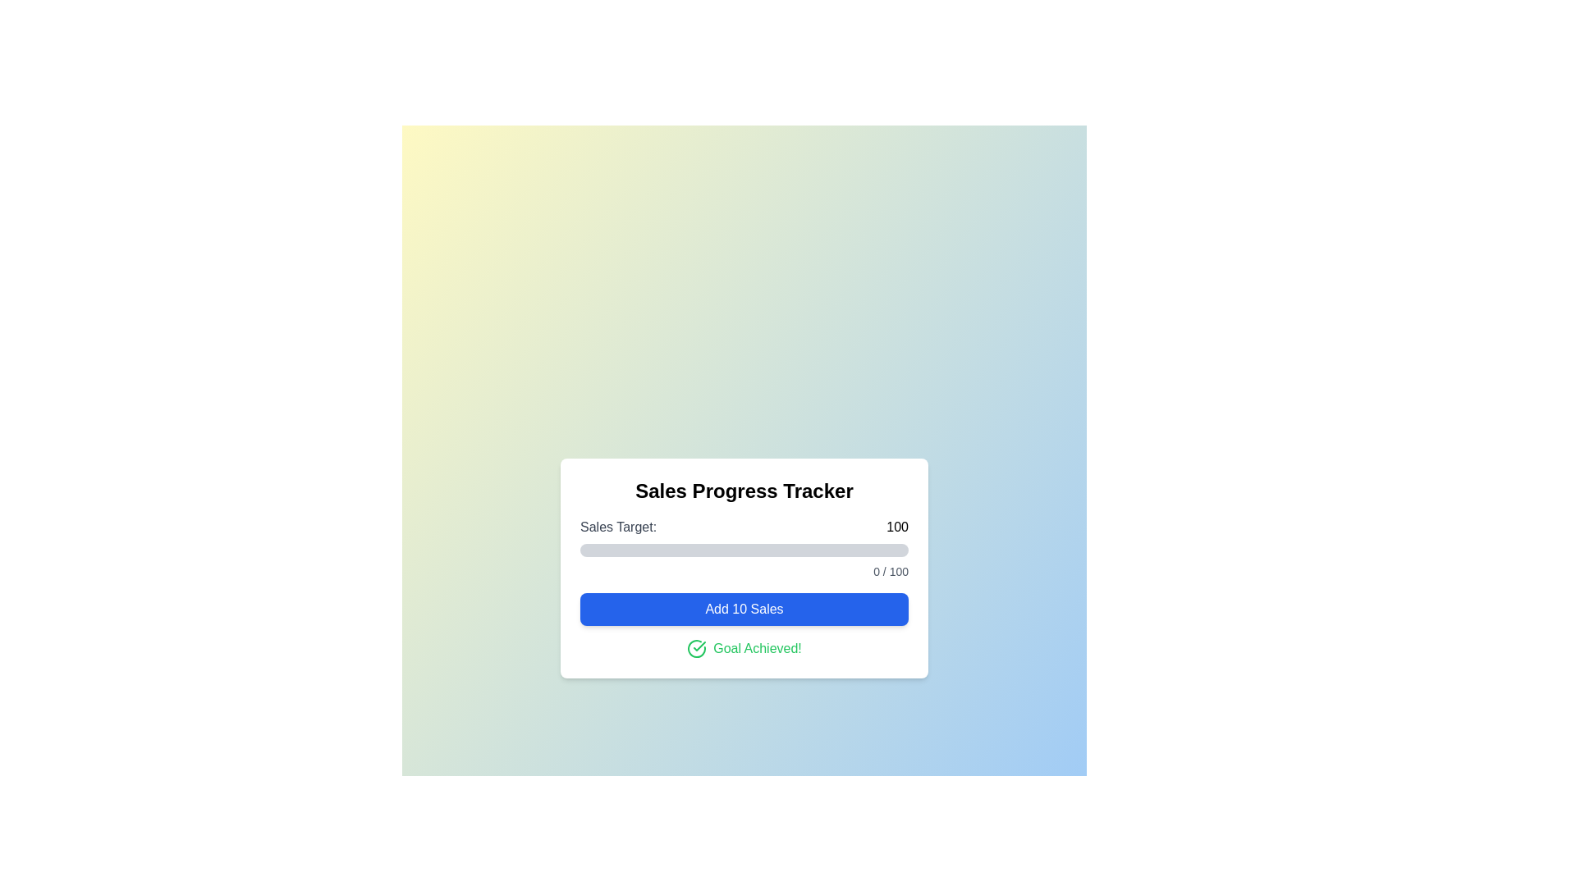  Describe the element at coordinates (697, 647) in the screenshot. I see `the circular green-stroke icon with a checkmark, which signifies a successful state, located immediately to the left of the text 'Goal Achieved!'` at that location.